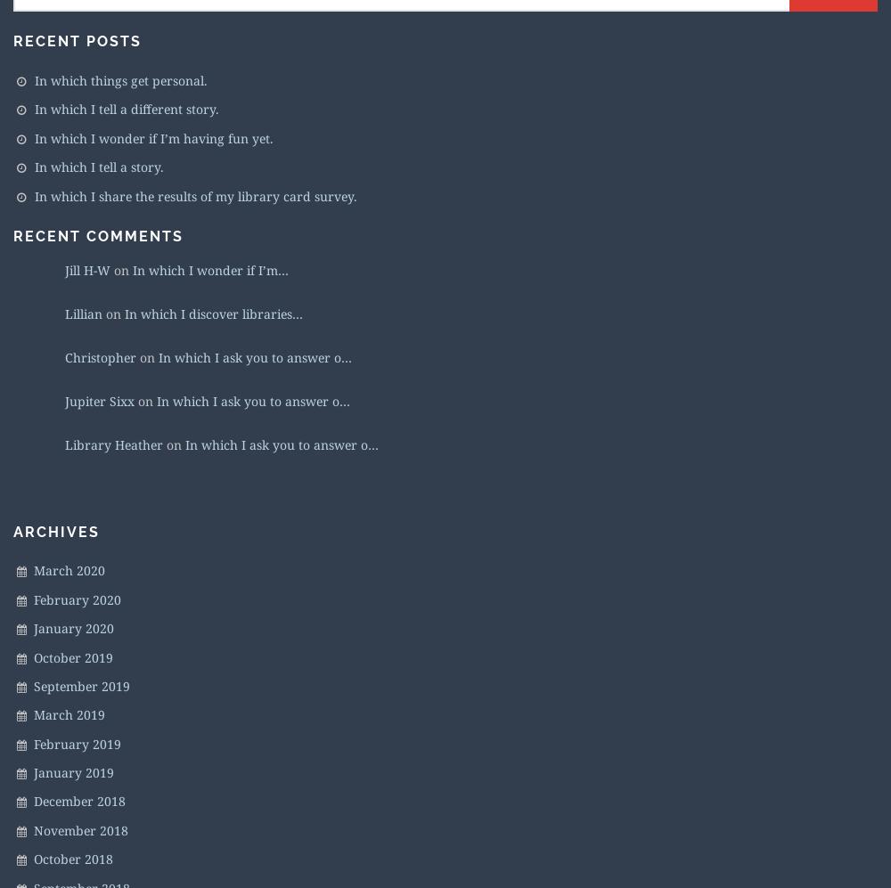  What do you see at coordinates (73, 771) in the screenshot?
I see `'January 2019'` at bounding box center [73, 771].